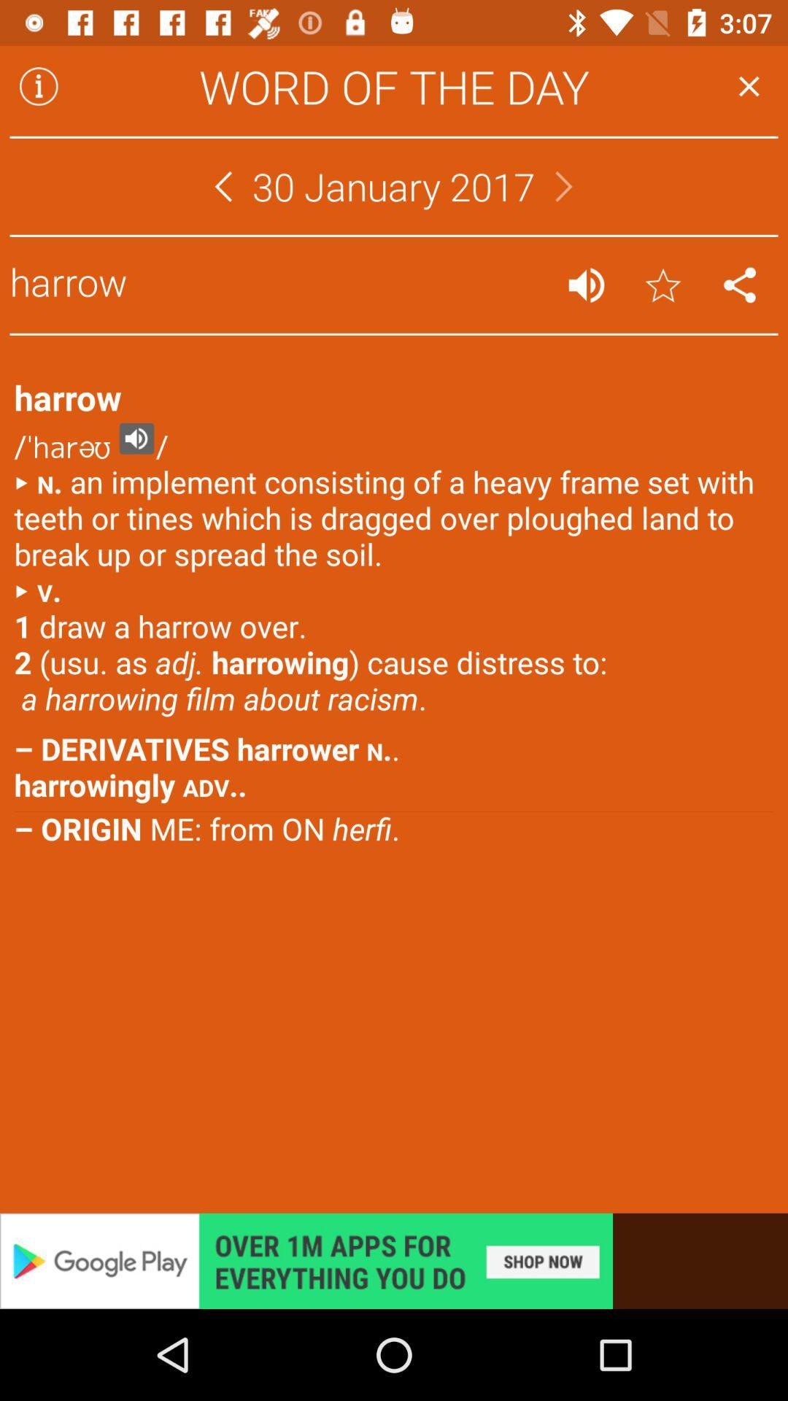 The height and width of the screenshot is (1401, 788). I want to click on the previous day, so click(223, 185).